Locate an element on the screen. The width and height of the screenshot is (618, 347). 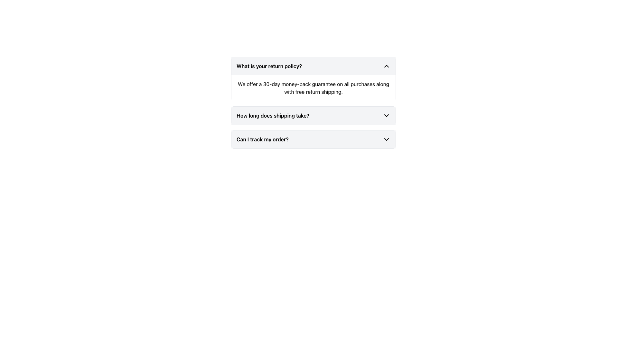
the header text for the collapsible FAQ section indicating the return policy is located at coordinates (269, 66).